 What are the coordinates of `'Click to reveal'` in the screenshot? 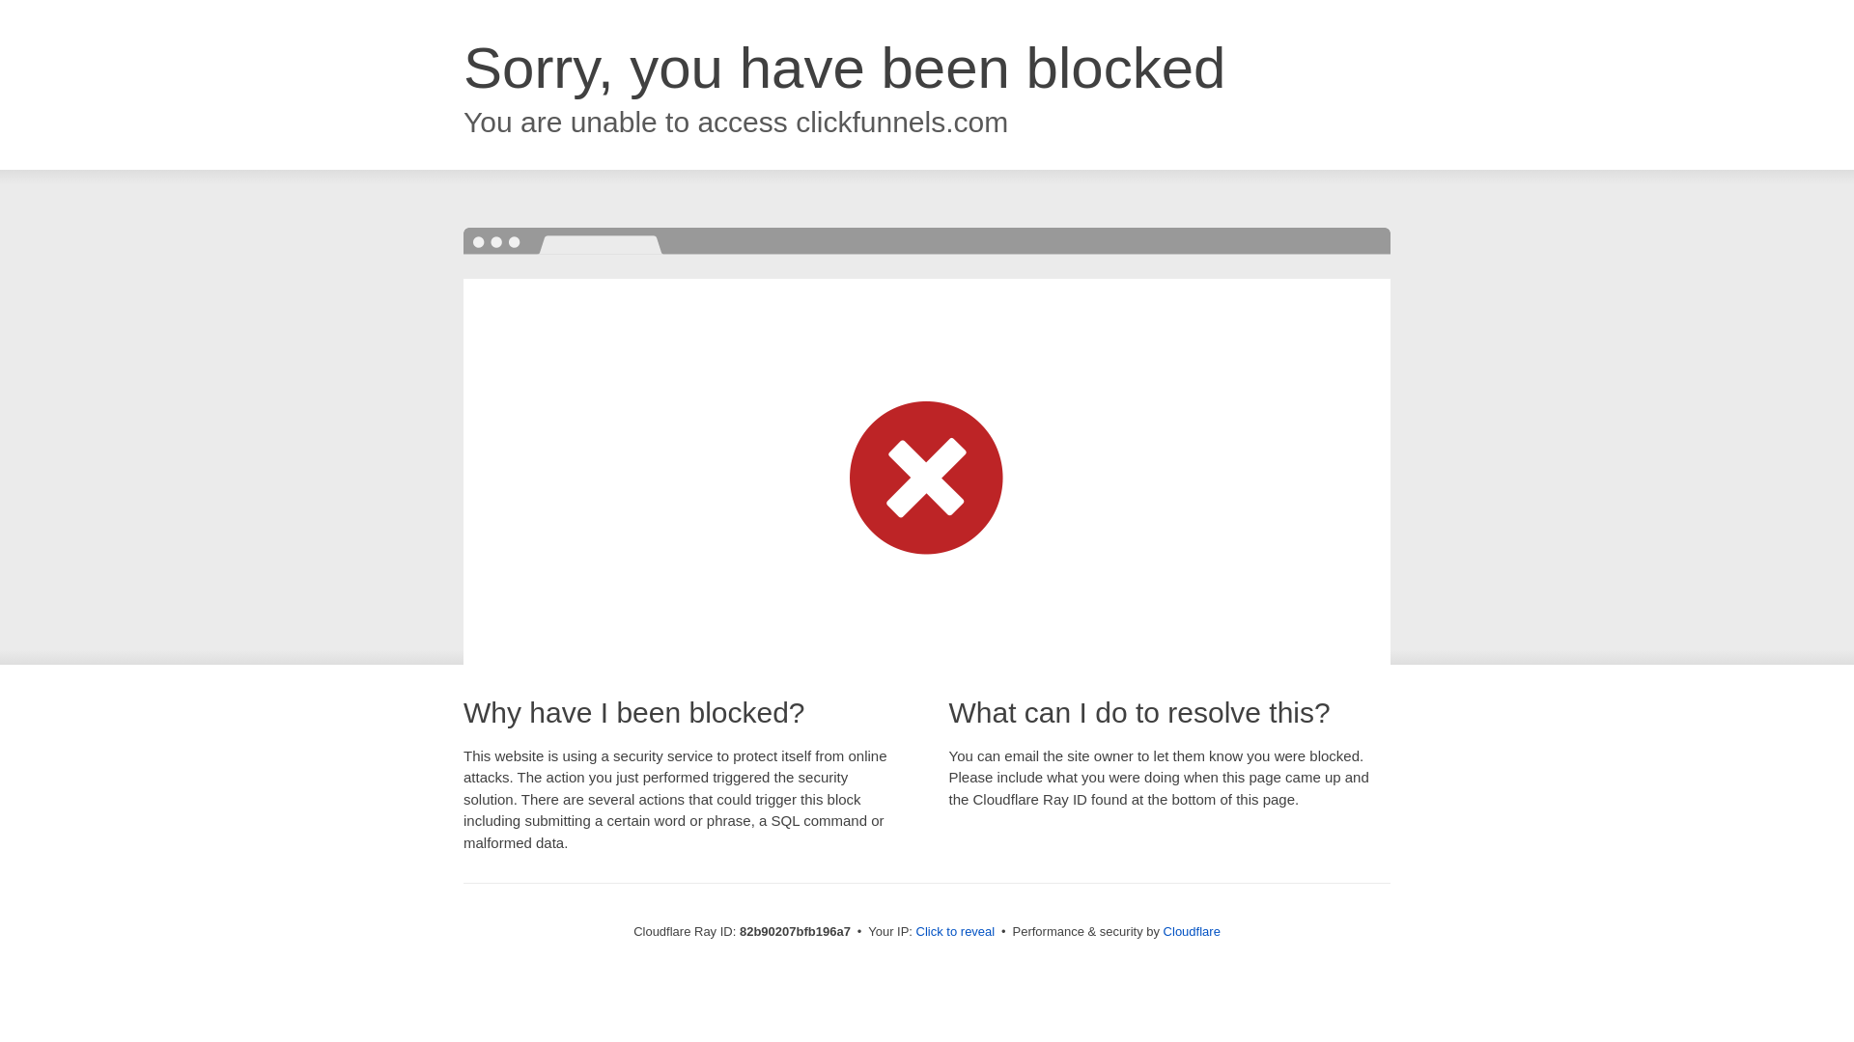 It's located at (955, 930).